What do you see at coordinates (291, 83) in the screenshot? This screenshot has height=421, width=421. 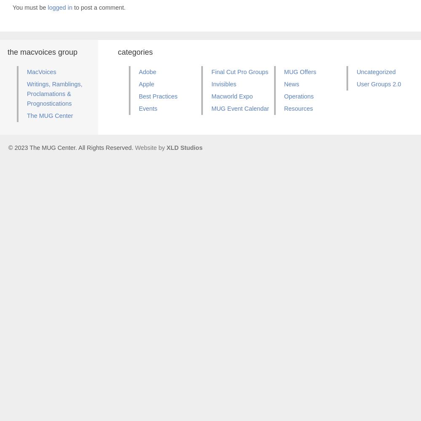 I see `'News'` at bounding box center [291, 83].